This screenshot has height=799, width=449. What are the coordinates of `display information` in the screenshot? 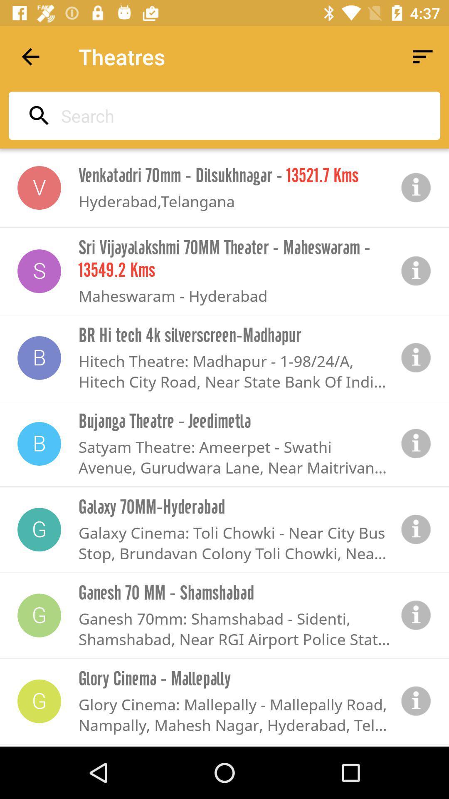 It's located at (416, 529).